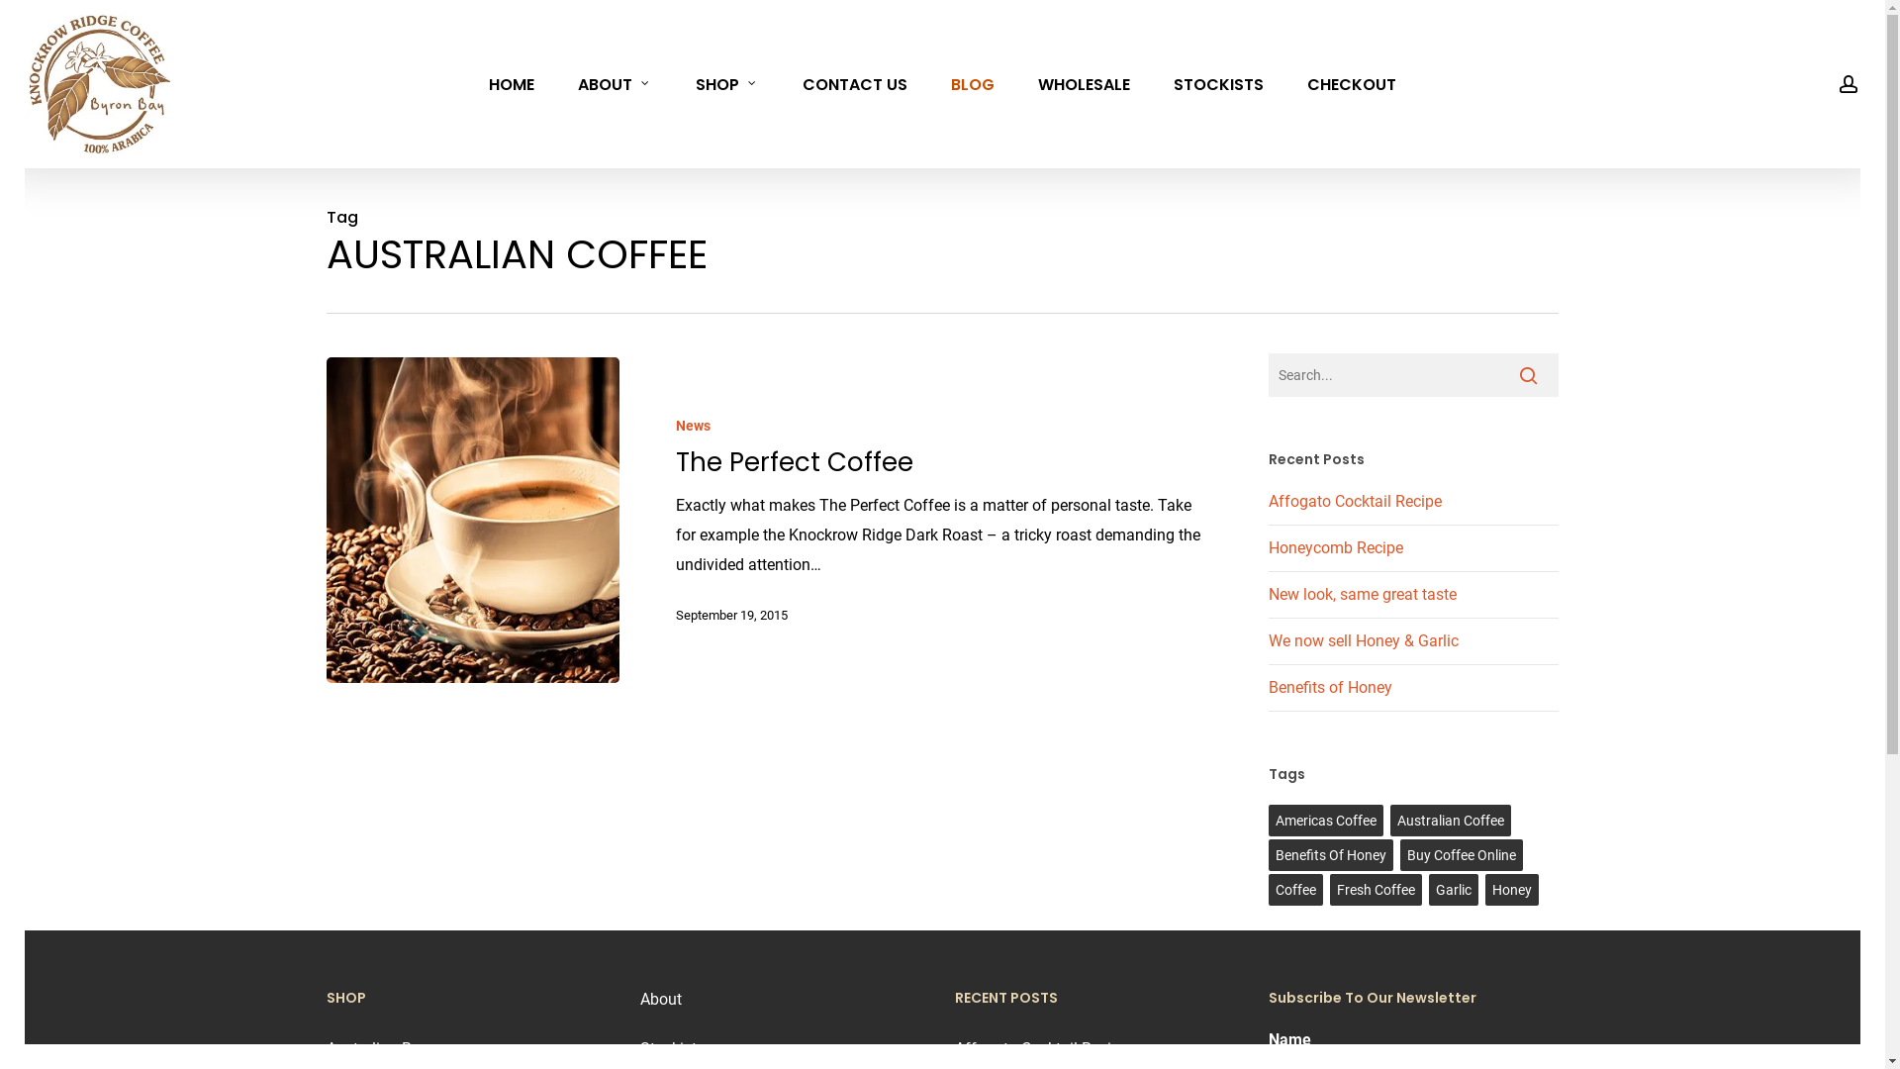 The width and height of the screenshot is (1900, 1069). Describe the element at coordinates (1847, 82) in the screenshot. I see `'account'` at that location.